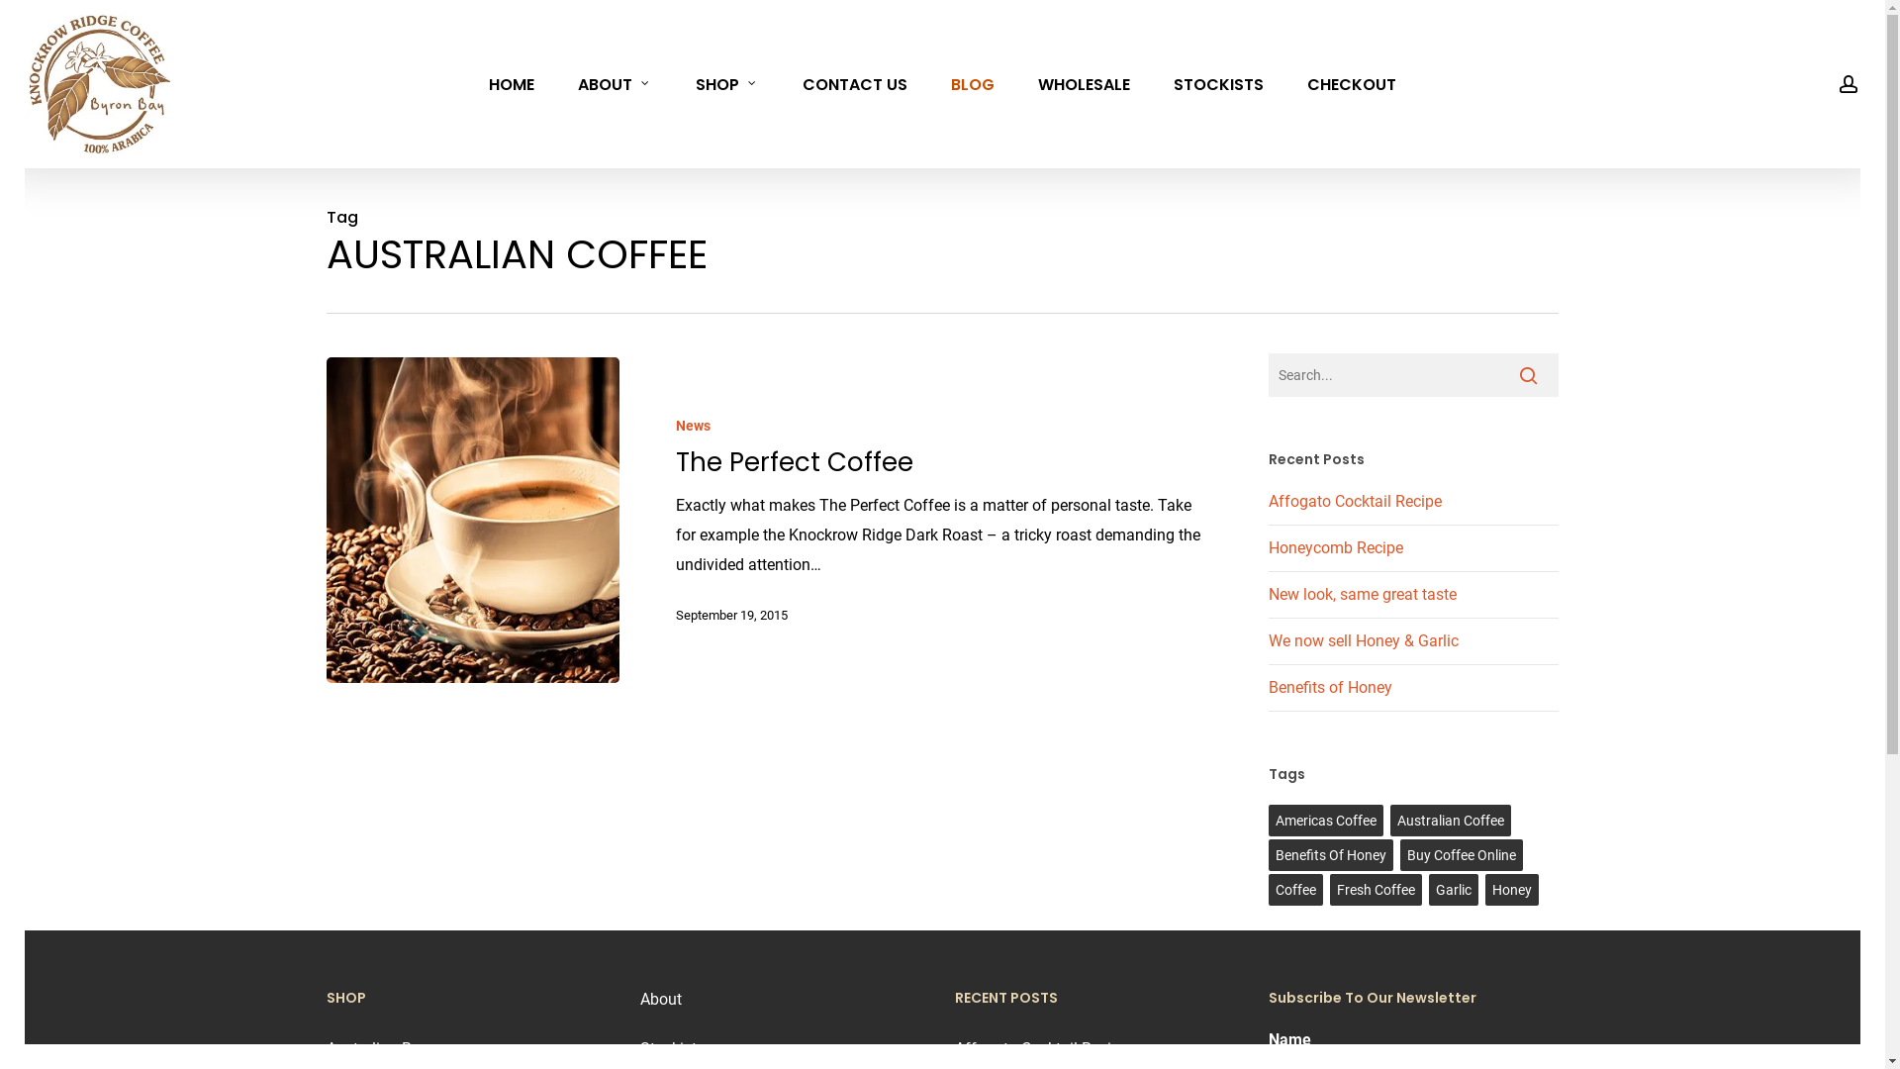 The width and height of the screenshot is (1900, 1069). Describe the element at coordinates (1847, 82) in the screenshot. I see `'account'` at that location.